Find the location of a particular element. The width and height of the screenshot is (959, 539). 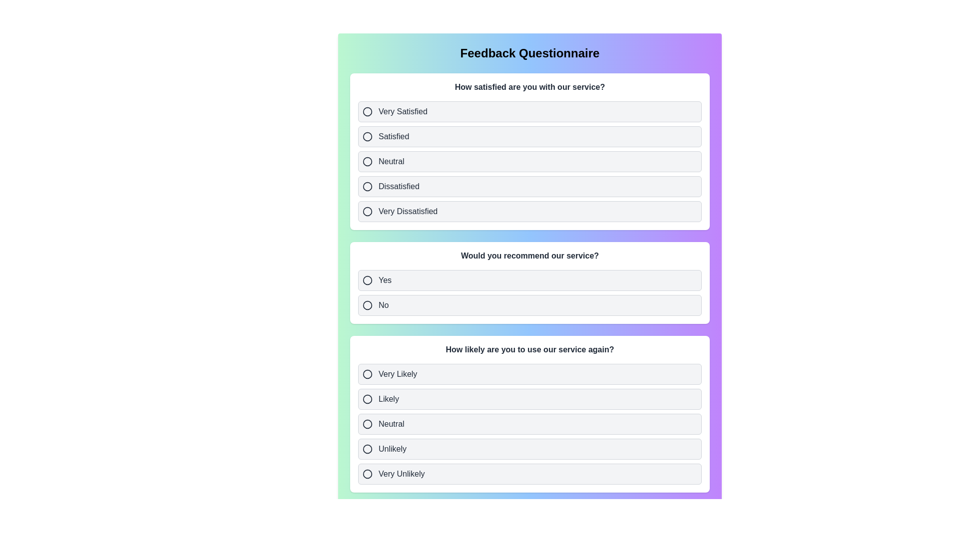

the option Very Satisfied for the first question is located at coordinates (529, 111).